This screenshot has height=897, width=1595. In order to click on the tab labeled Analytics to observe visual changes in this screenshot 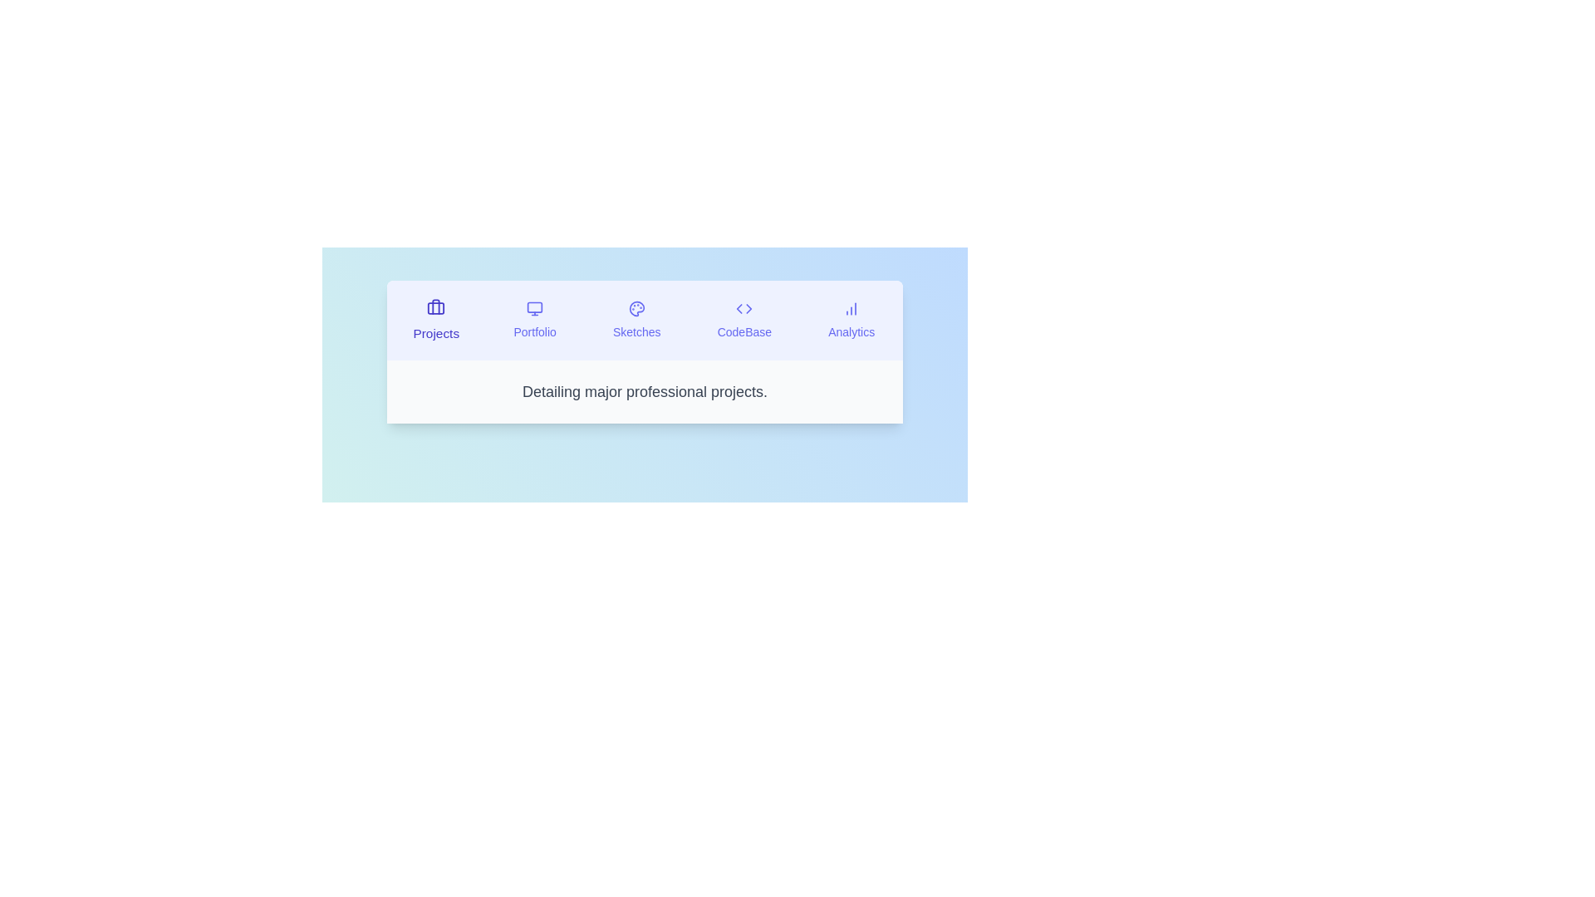, I will do `click(851, 320)`.